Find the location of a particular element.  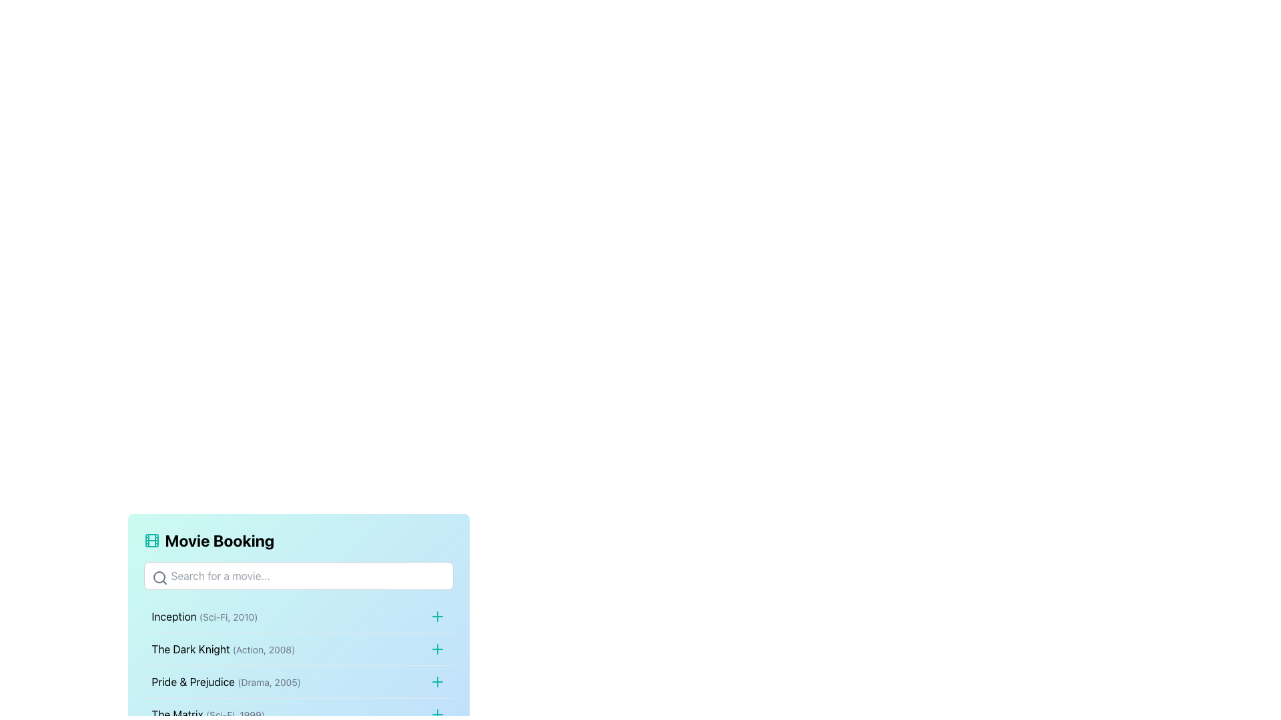

the filled circle element of the search icon located at the top-left corner of the search bar is located at coordinates (159, 577).